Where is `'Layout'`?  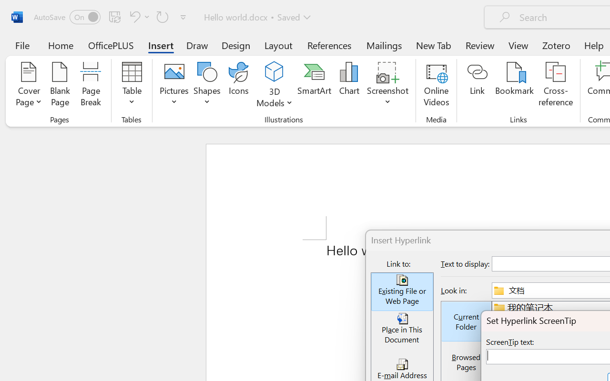 'Layout' is located at coordinates (278, 45).